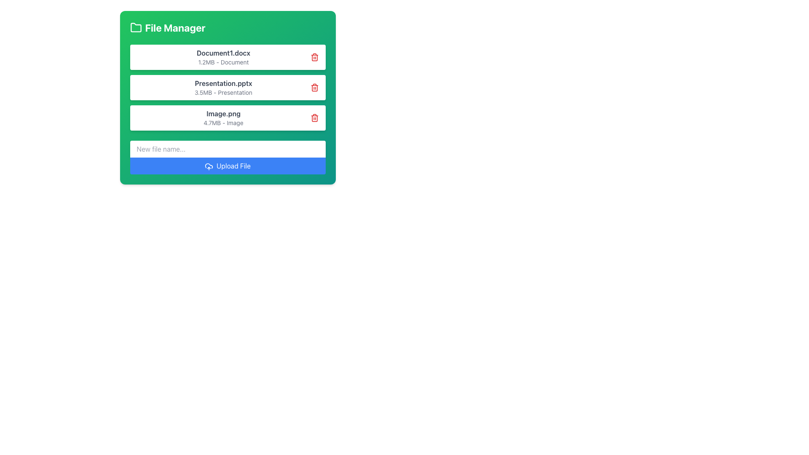 The height and width of the screenshot is (455, 809). What do you see at coordinates (136, 27) in the screenshot?
I see `the modern green folder icon located to the left of the 'File Manager' text in the header of the file management interface` at bounding box center [136, 27].